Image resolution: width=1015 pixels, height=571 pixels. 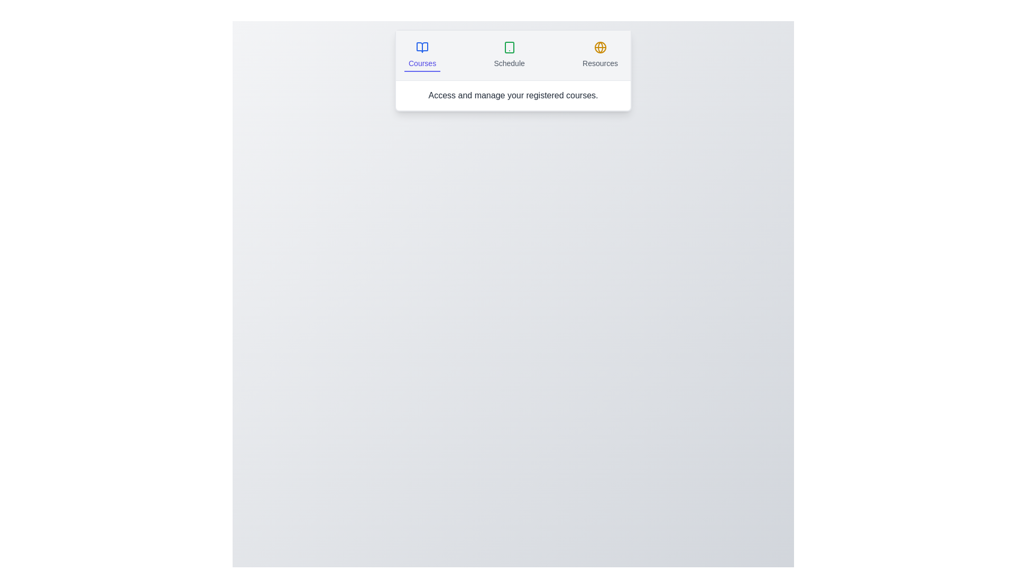 I want to click on the tab labeled Resources, so click(x=599, y=55).